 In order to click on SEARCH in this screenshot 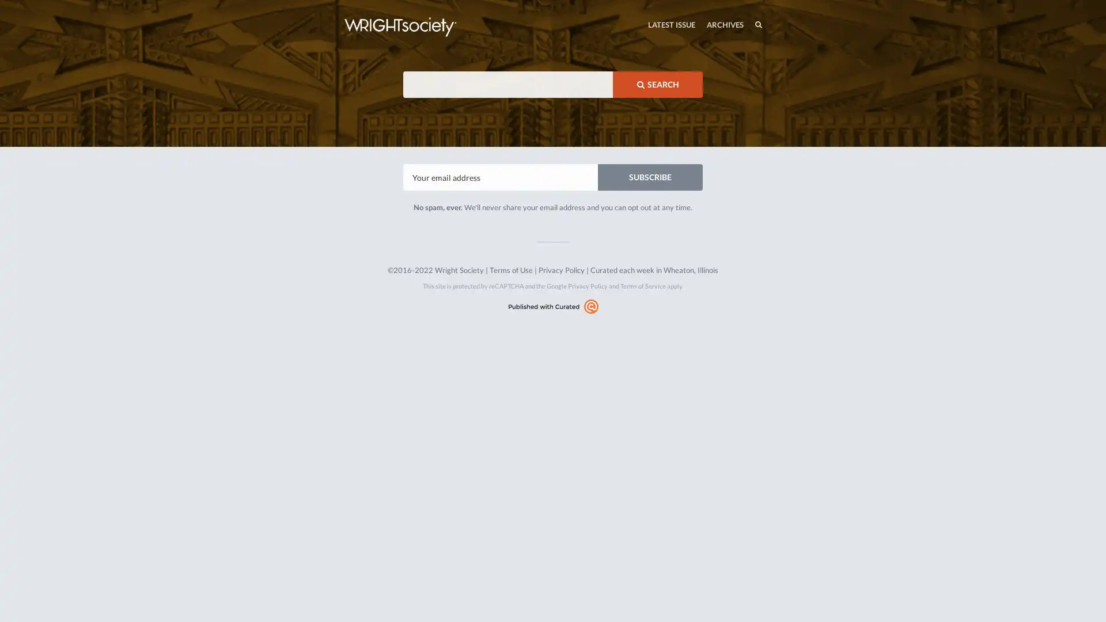, I will do `click(734, 24)`.